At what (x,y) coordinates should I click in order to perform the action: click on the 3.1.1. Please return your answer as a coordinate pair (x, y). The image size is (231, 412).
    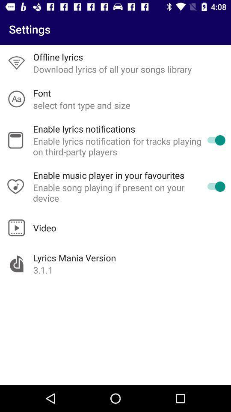
    Looking at the image, I should click on (42, 270).